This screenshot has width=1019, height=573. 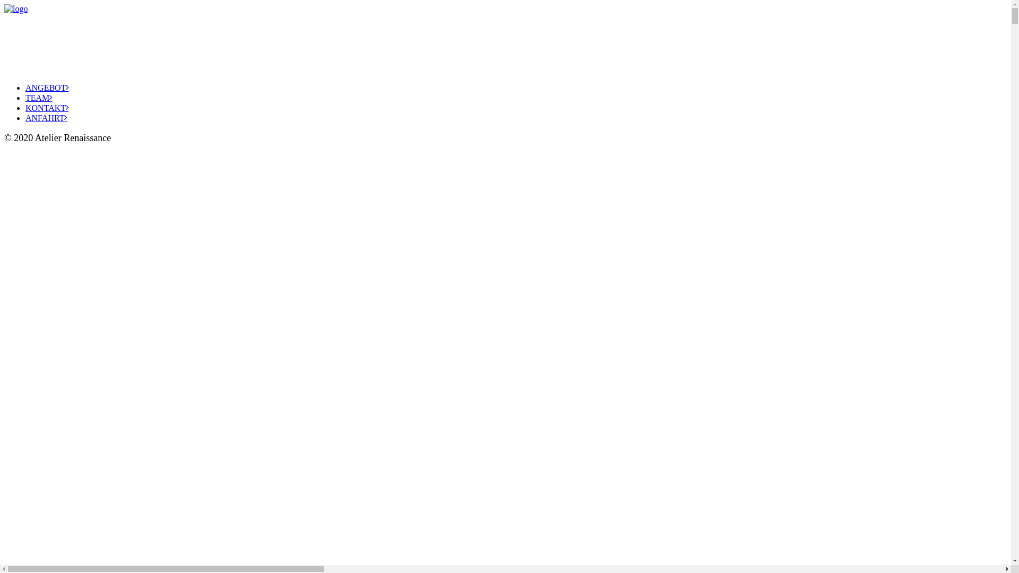 What do you see at coordinates (46, 87) in the screenshot?
I see `'ANGEBOT'` at bounding box center [46, 87].